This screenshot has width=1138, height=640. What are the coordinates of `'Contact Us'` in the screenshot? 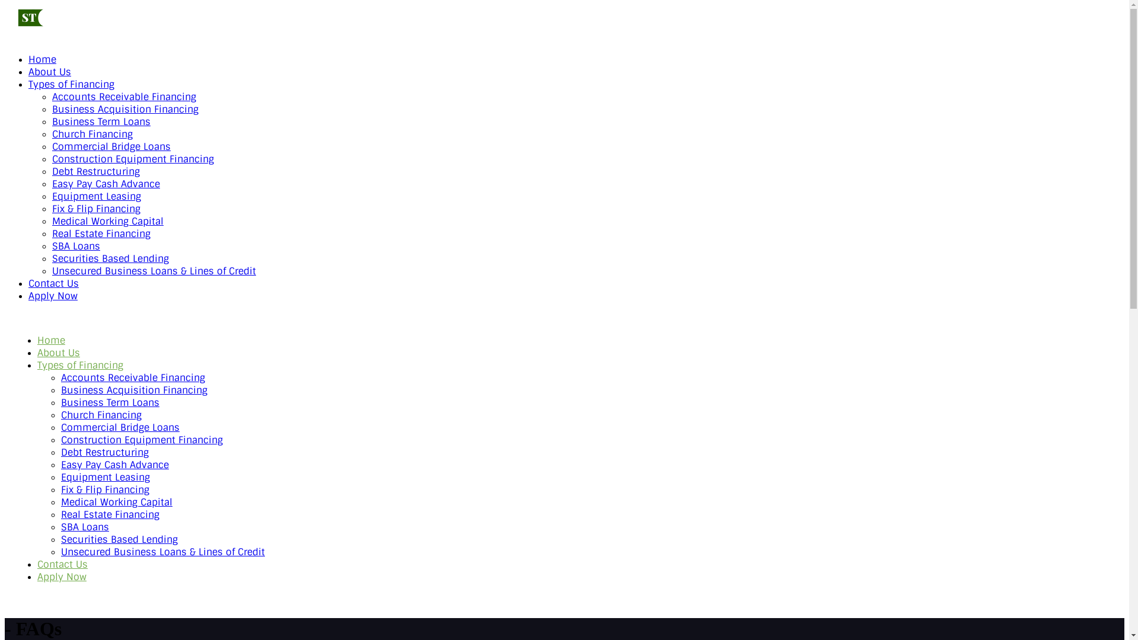 It's located at (62, 564).